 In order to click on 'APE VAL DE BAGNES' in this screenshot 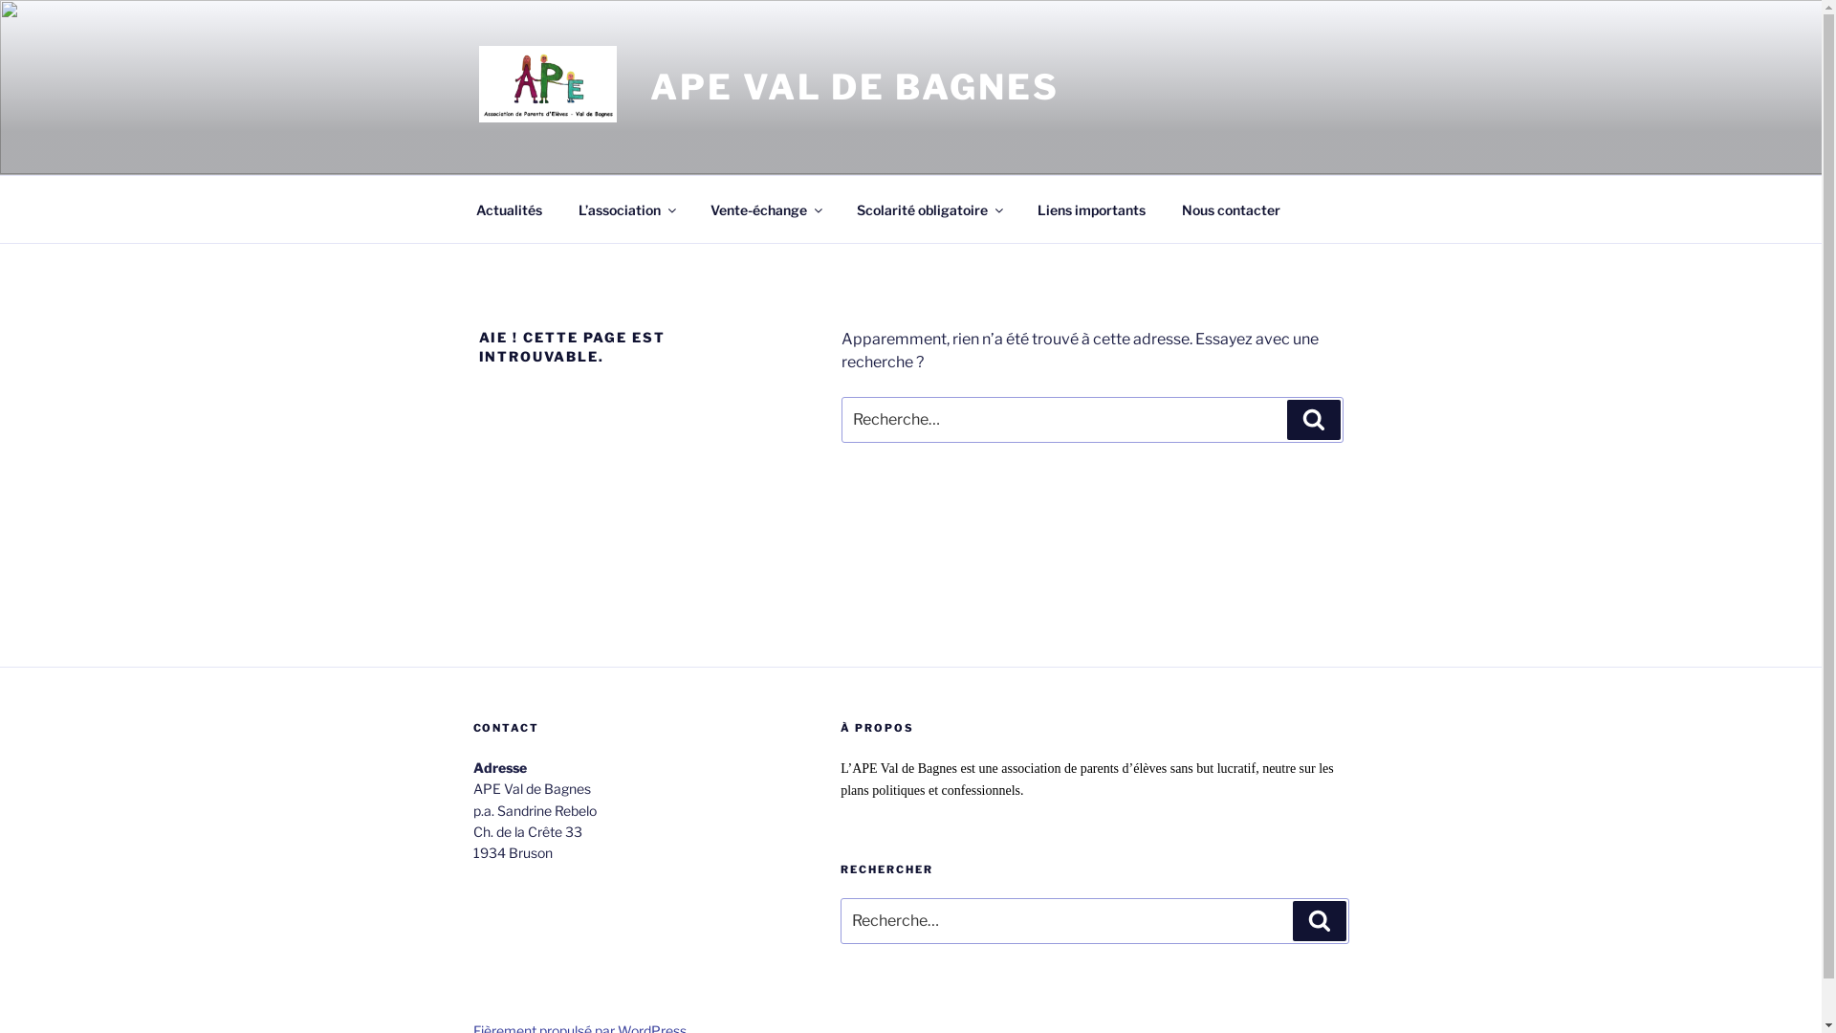, I will do `click(853, 87)`.